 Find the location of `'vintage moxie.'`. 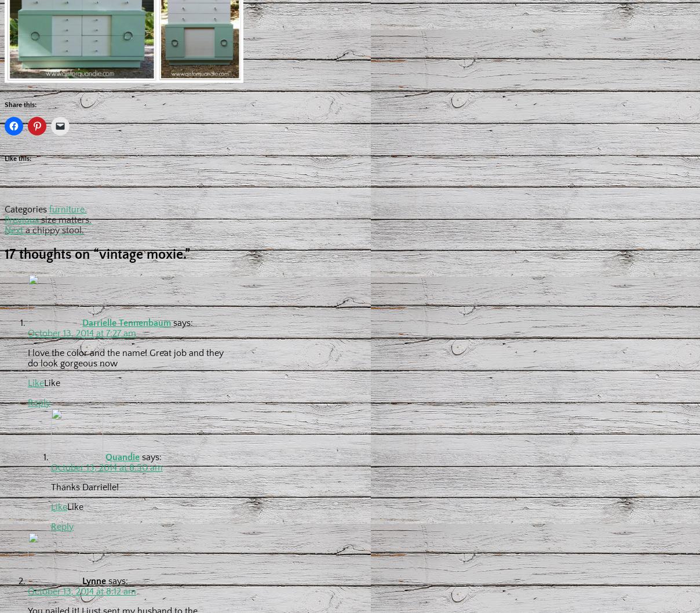

'vintage moxie.' is located at coordinates (99, 255).